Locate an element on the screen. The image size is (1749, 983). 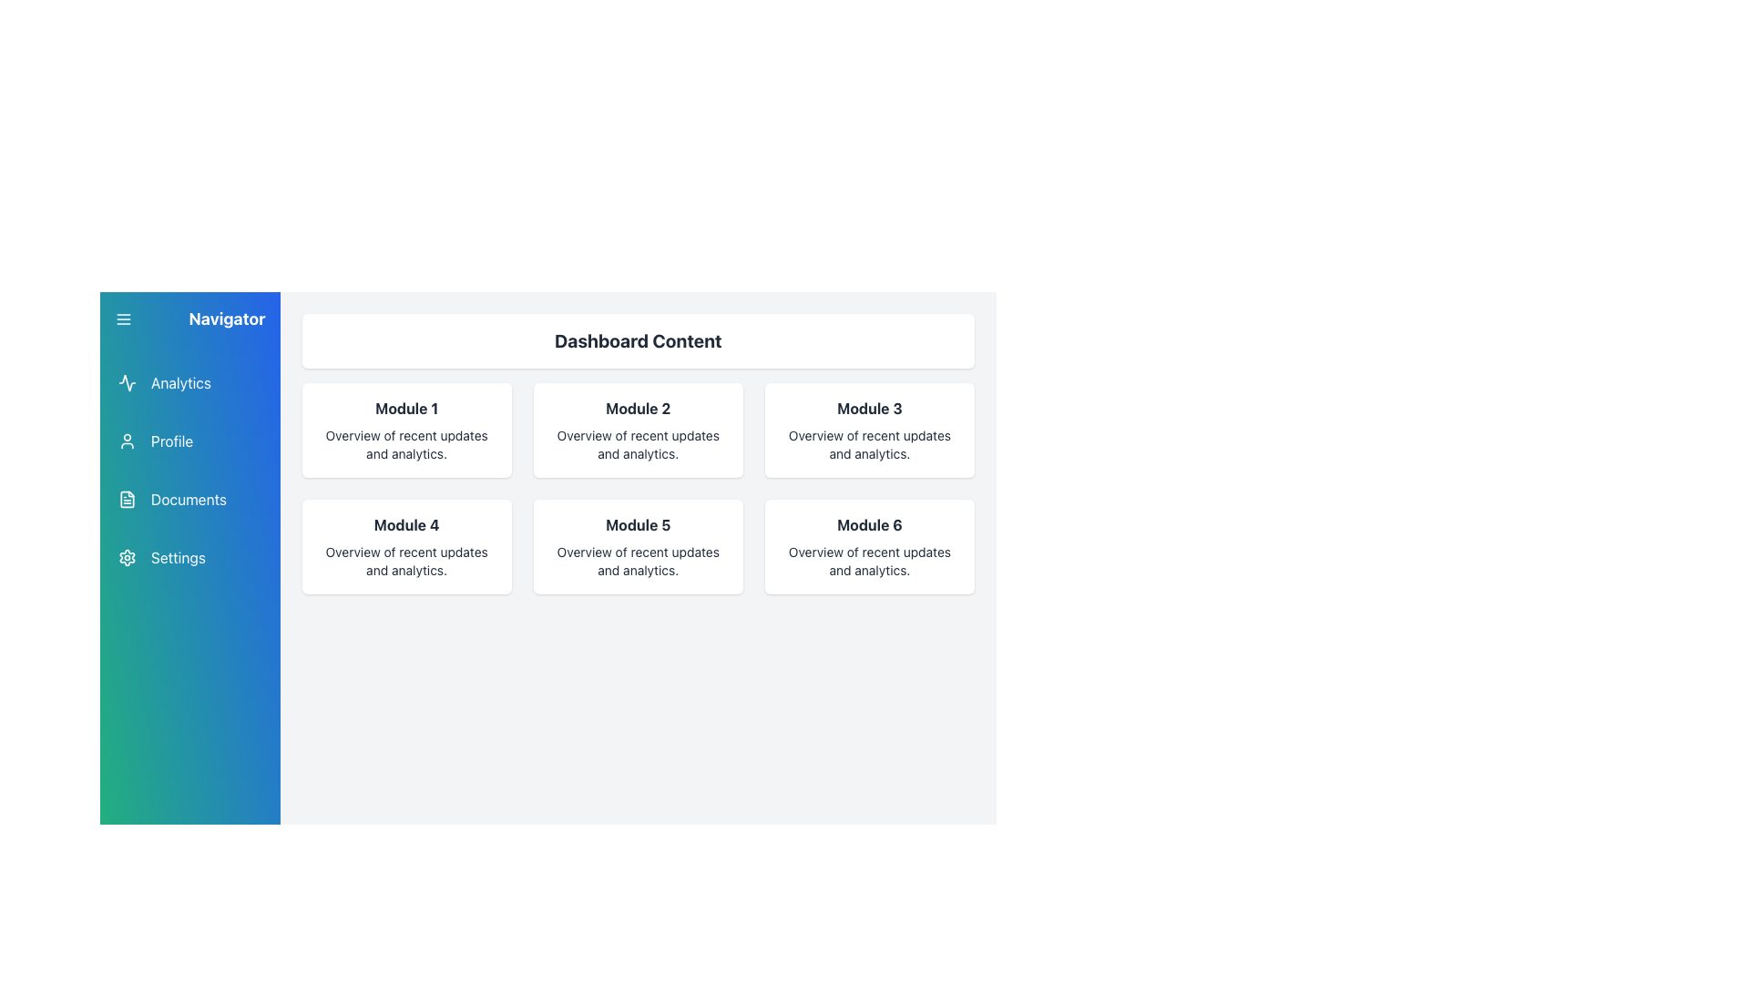
the 'Profile' navigation menu item in the vertical sidebar is located at coordinates (189, 441).